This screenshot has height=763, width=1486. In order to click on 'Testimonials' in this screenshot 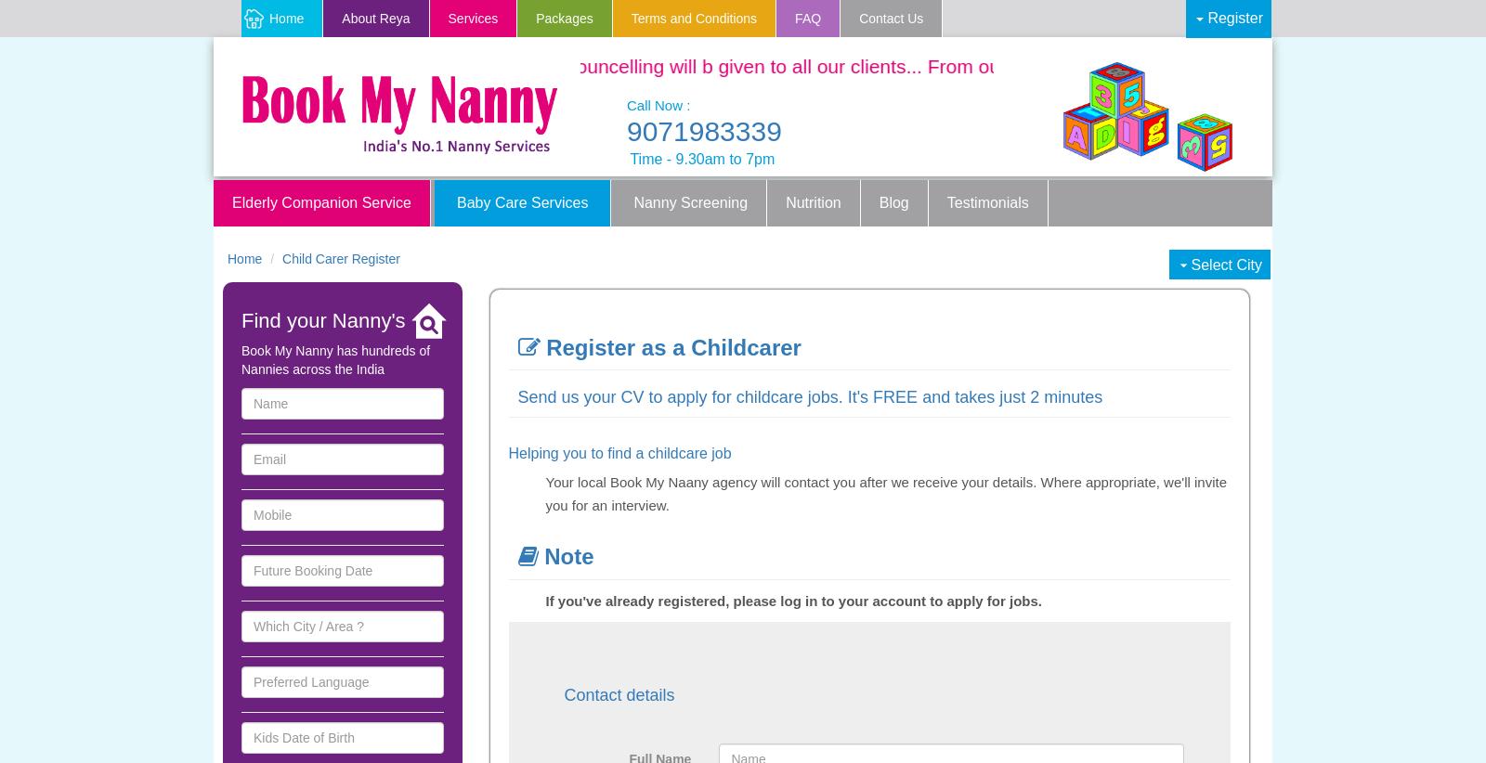, I will do `click(946, 201)`.